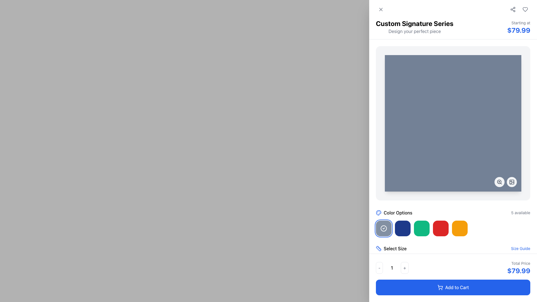  Describe the element at coordinates (525, 10) in the screenshot. I see `the favorite icon button located at the top-right corner of the interface, adjacent to the price information section, to mark the item as a favorite` at that location.